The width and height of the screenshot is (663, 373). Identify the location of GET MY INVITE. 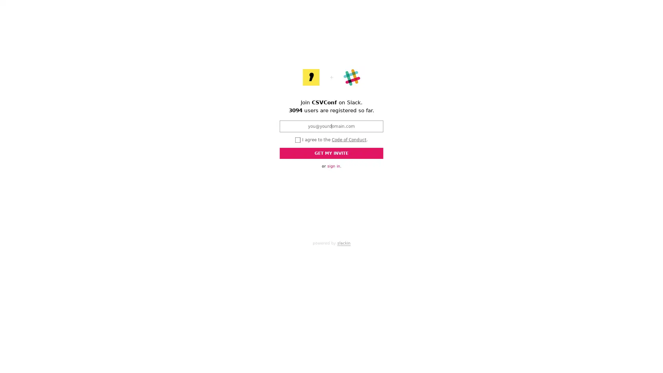
(331, 153).